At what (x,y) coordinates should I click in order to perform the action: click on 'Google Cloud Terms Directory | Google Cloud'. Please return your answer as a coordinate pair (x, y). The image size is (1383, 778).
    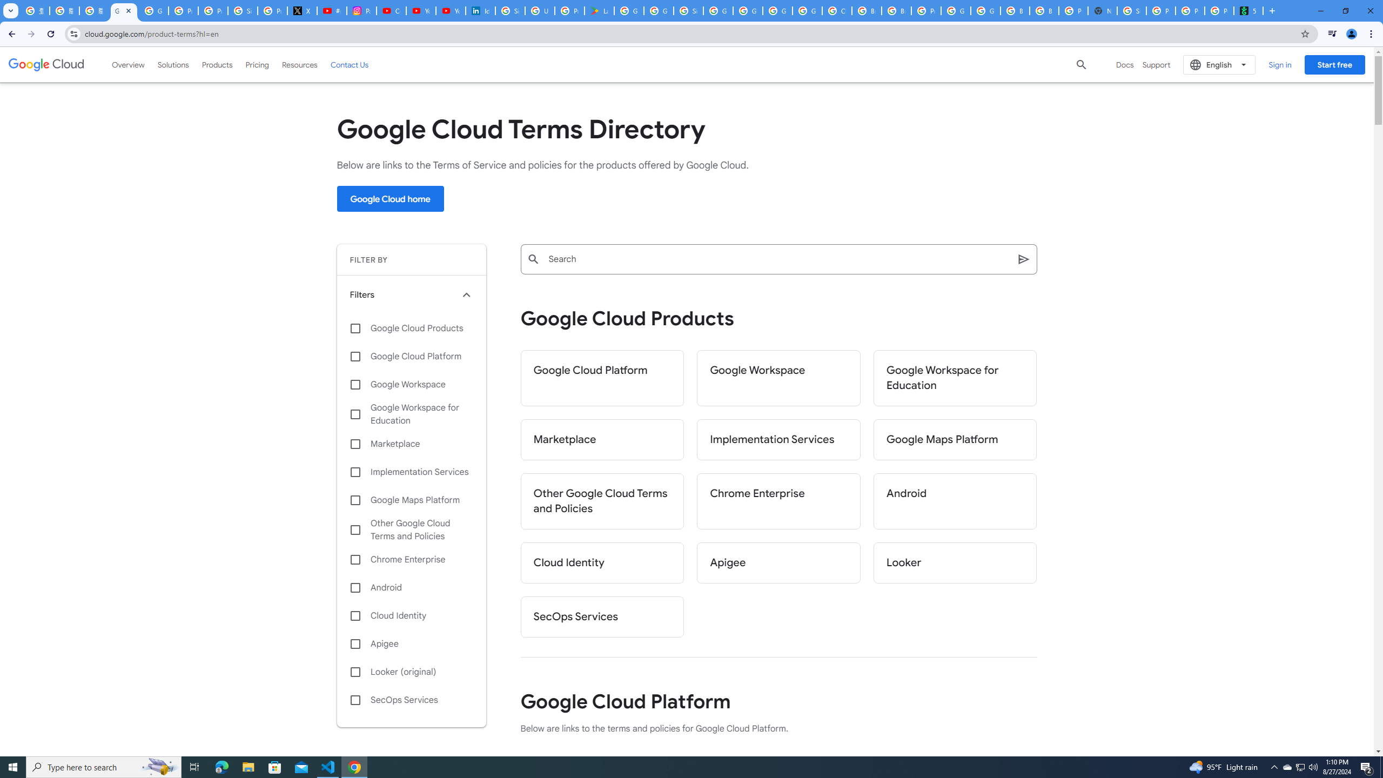
    Looking at the image, I should click on (123, 10).